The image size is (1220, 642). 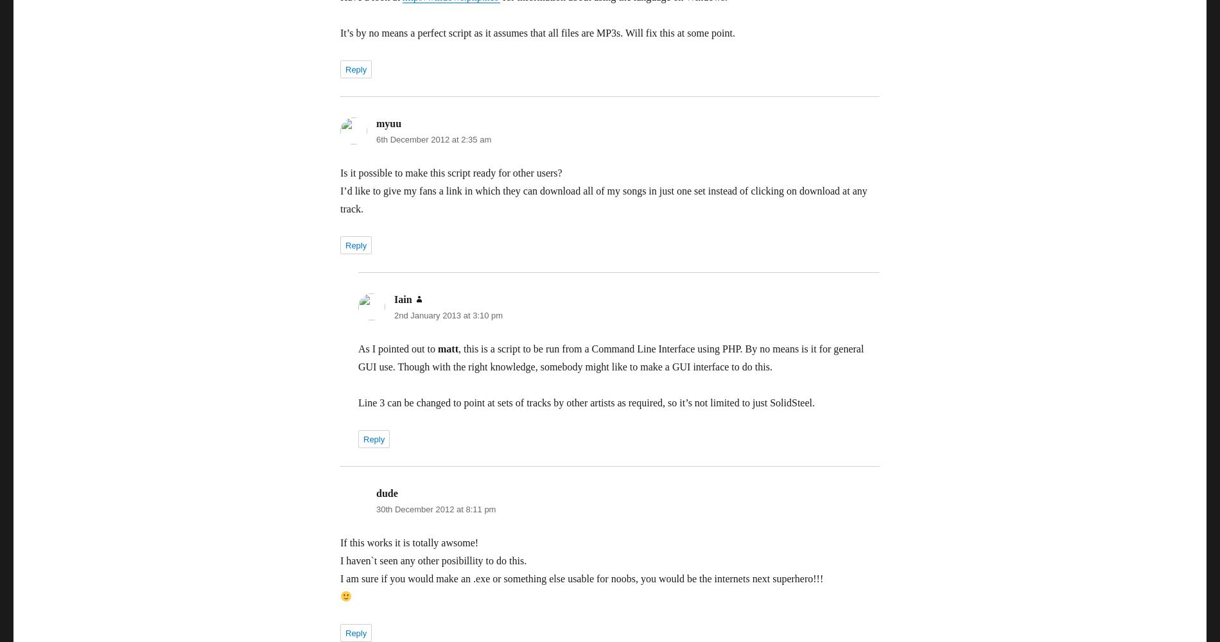 What do you see at coordinates (436, 509) in the screenshot?
I see `'30th December 2012 at 8:11 pm'` at bounding box center [436, 509].